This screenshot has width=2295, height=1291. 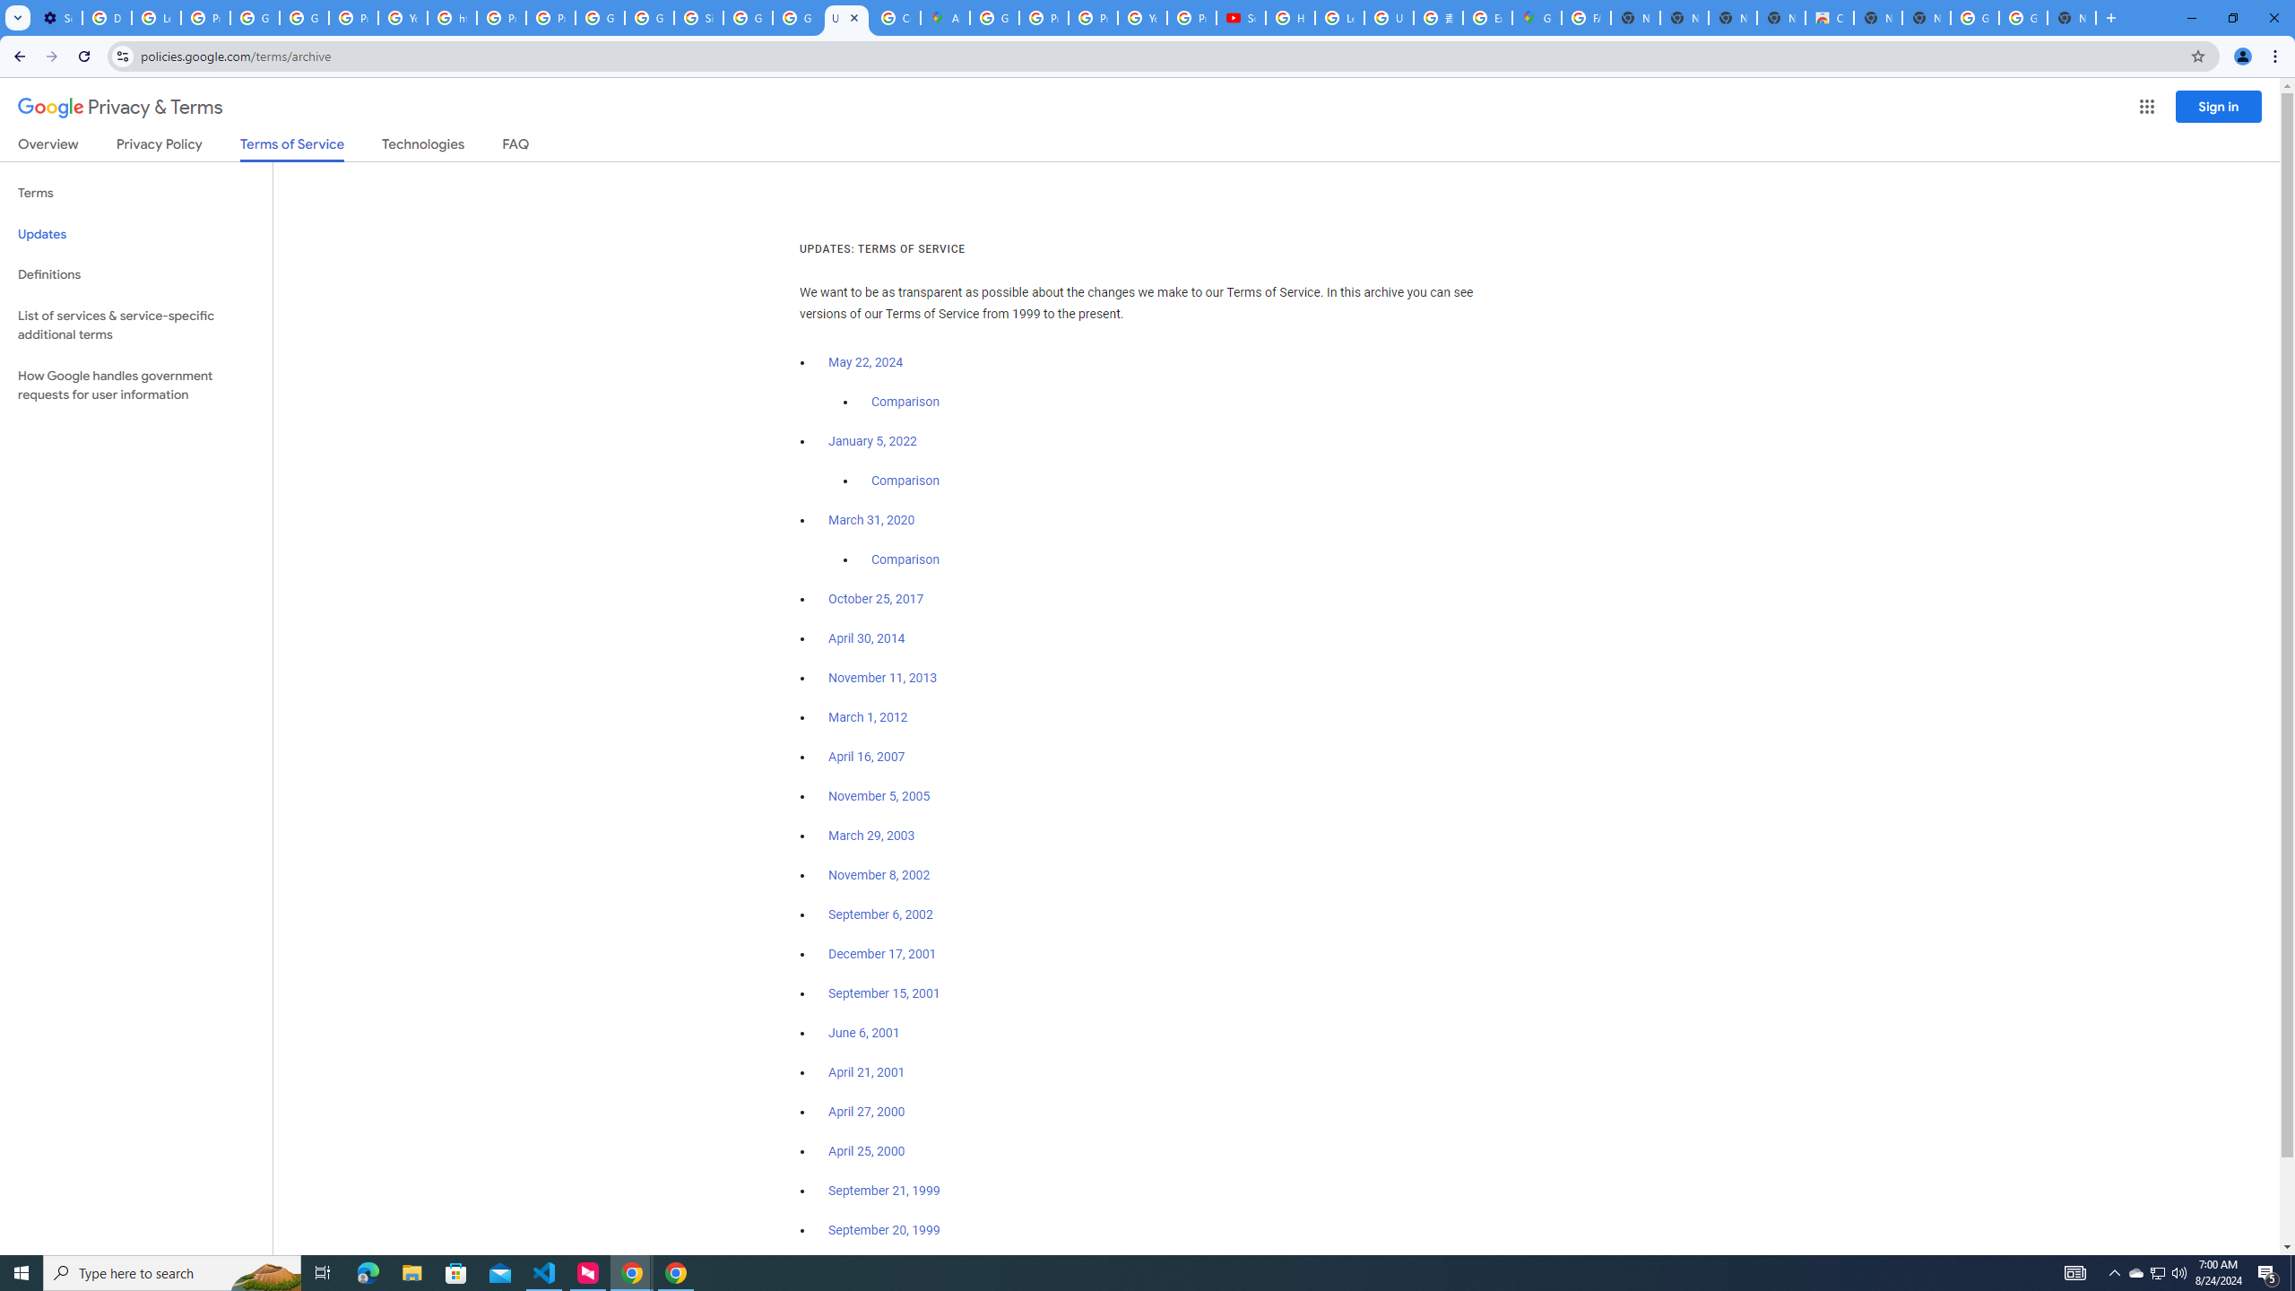 What do you see at coordinates (866, 1110) in the screenshot?
I see `'April 27, 2000'` at bounding box center [866, 1110].